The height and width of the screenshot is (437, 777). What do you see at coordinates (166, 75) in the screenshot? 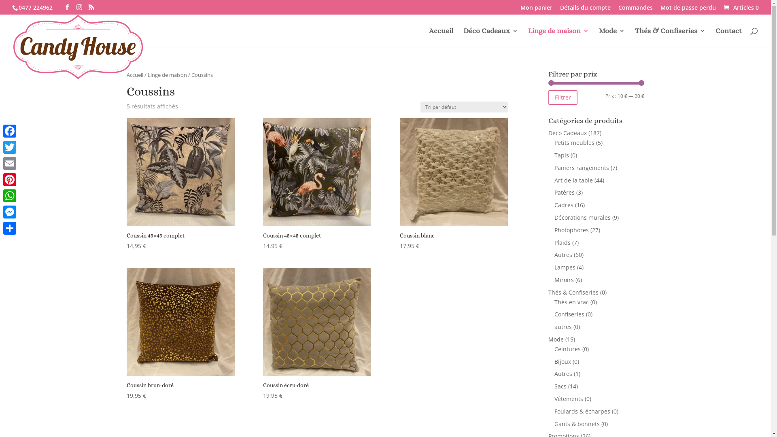
I see `'Linge de maison'` at bounding box center [166, 75].